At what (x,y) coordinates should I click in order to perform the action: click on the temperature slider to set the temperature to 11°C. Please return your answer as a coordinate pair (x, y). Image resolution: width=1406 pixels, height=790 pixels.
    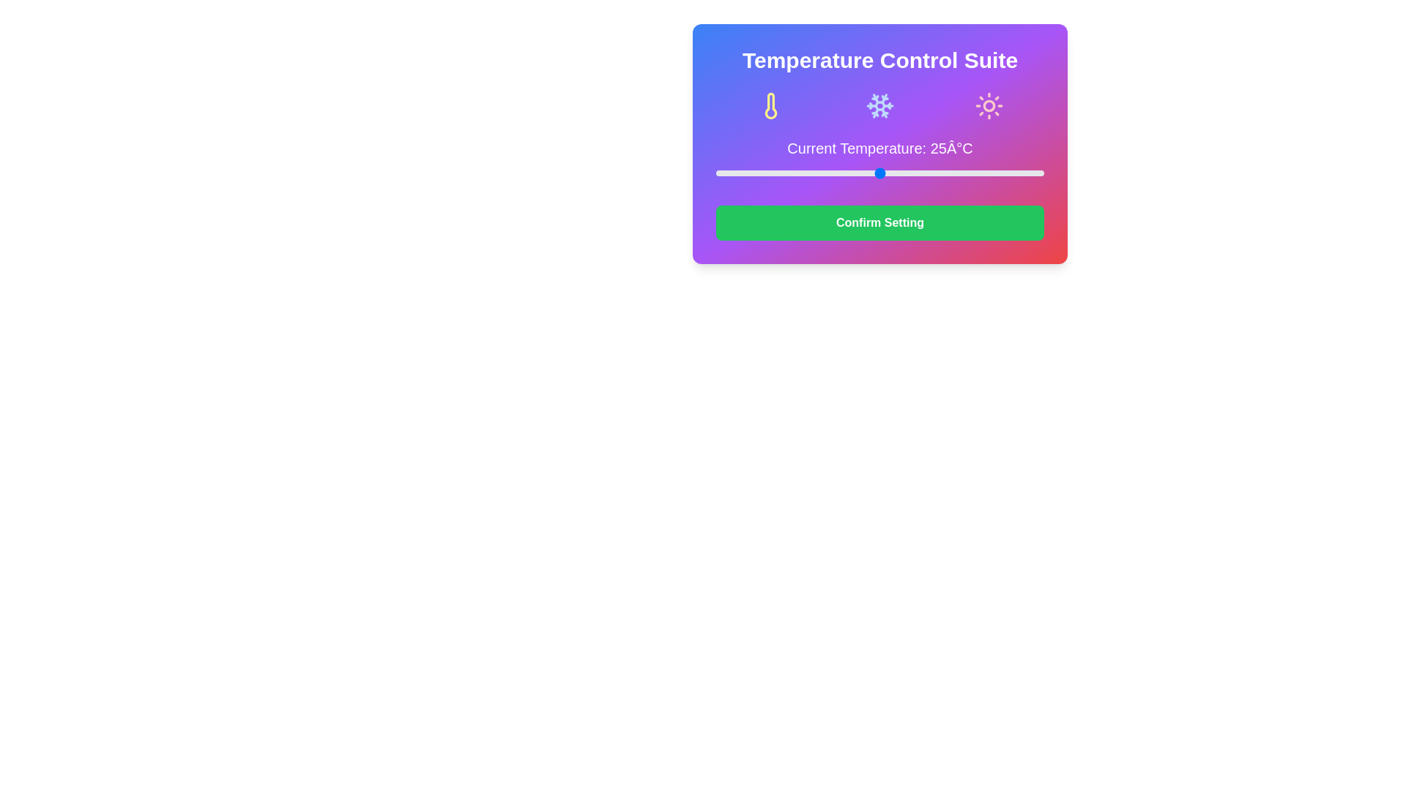
    Looking at the image, I should click on (787, 172).